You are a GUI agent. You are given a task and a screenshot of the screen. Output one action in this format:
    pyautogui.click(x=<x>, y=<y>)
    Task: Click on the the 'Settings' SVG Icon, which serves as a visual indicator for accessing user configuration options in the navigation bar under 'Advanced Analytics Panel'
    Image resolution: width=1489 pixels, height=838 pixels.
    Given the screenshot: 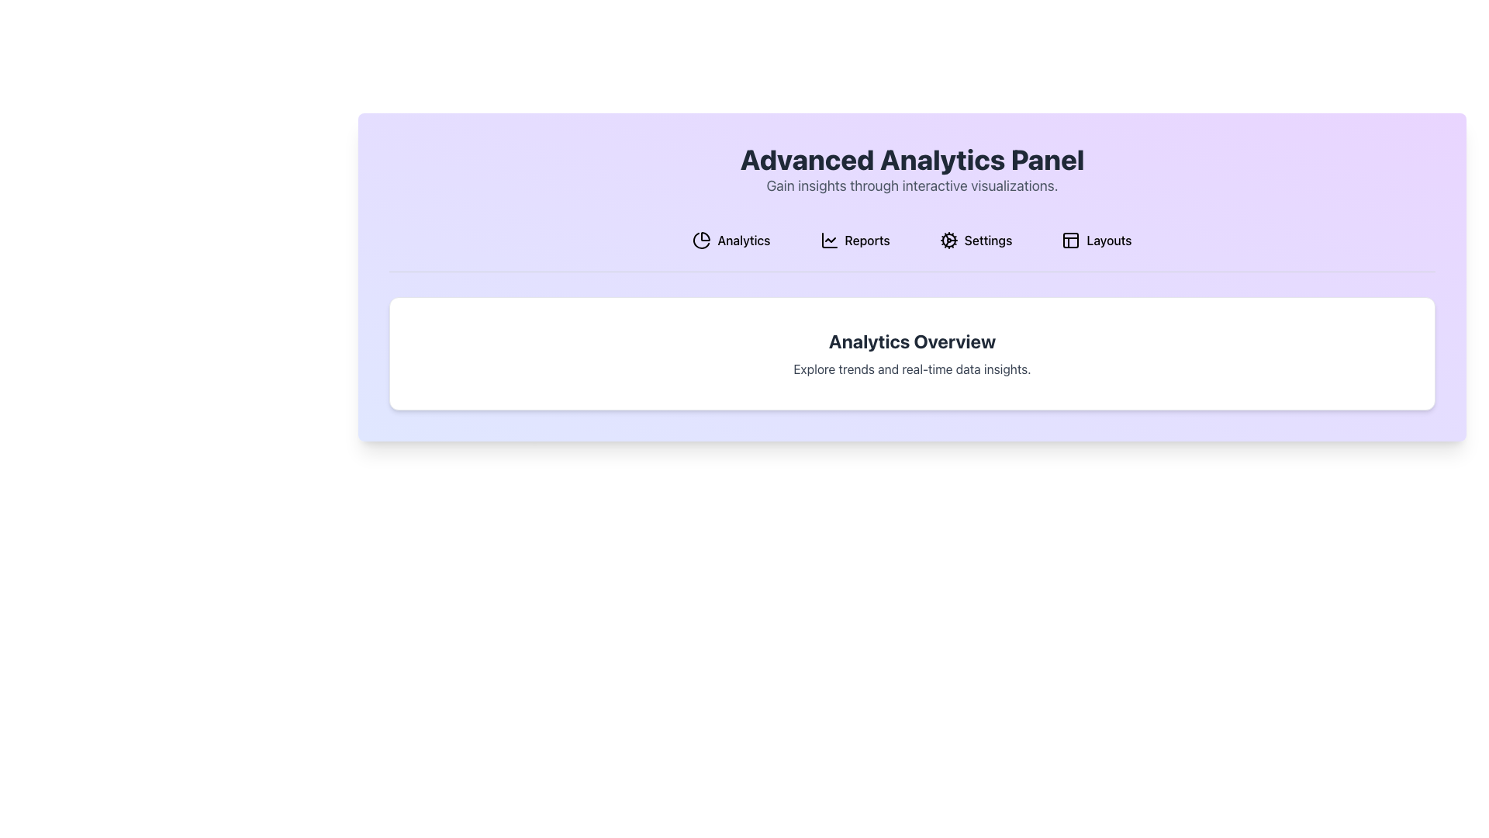 What is the action you would take?
    pyautogui.click(x=948, y=240)
    